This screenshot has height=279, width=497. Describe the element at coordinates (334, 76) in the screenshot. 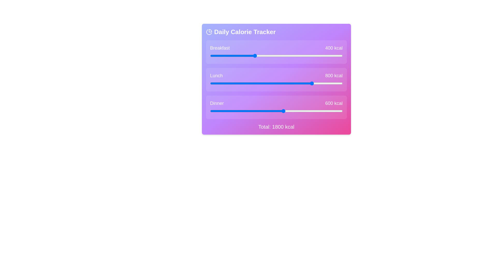

I see `the Static Text Label displaying '800 kcal' for the 'Lunch' slider, which serves as a visual indicator for caloric allocation` at that location.